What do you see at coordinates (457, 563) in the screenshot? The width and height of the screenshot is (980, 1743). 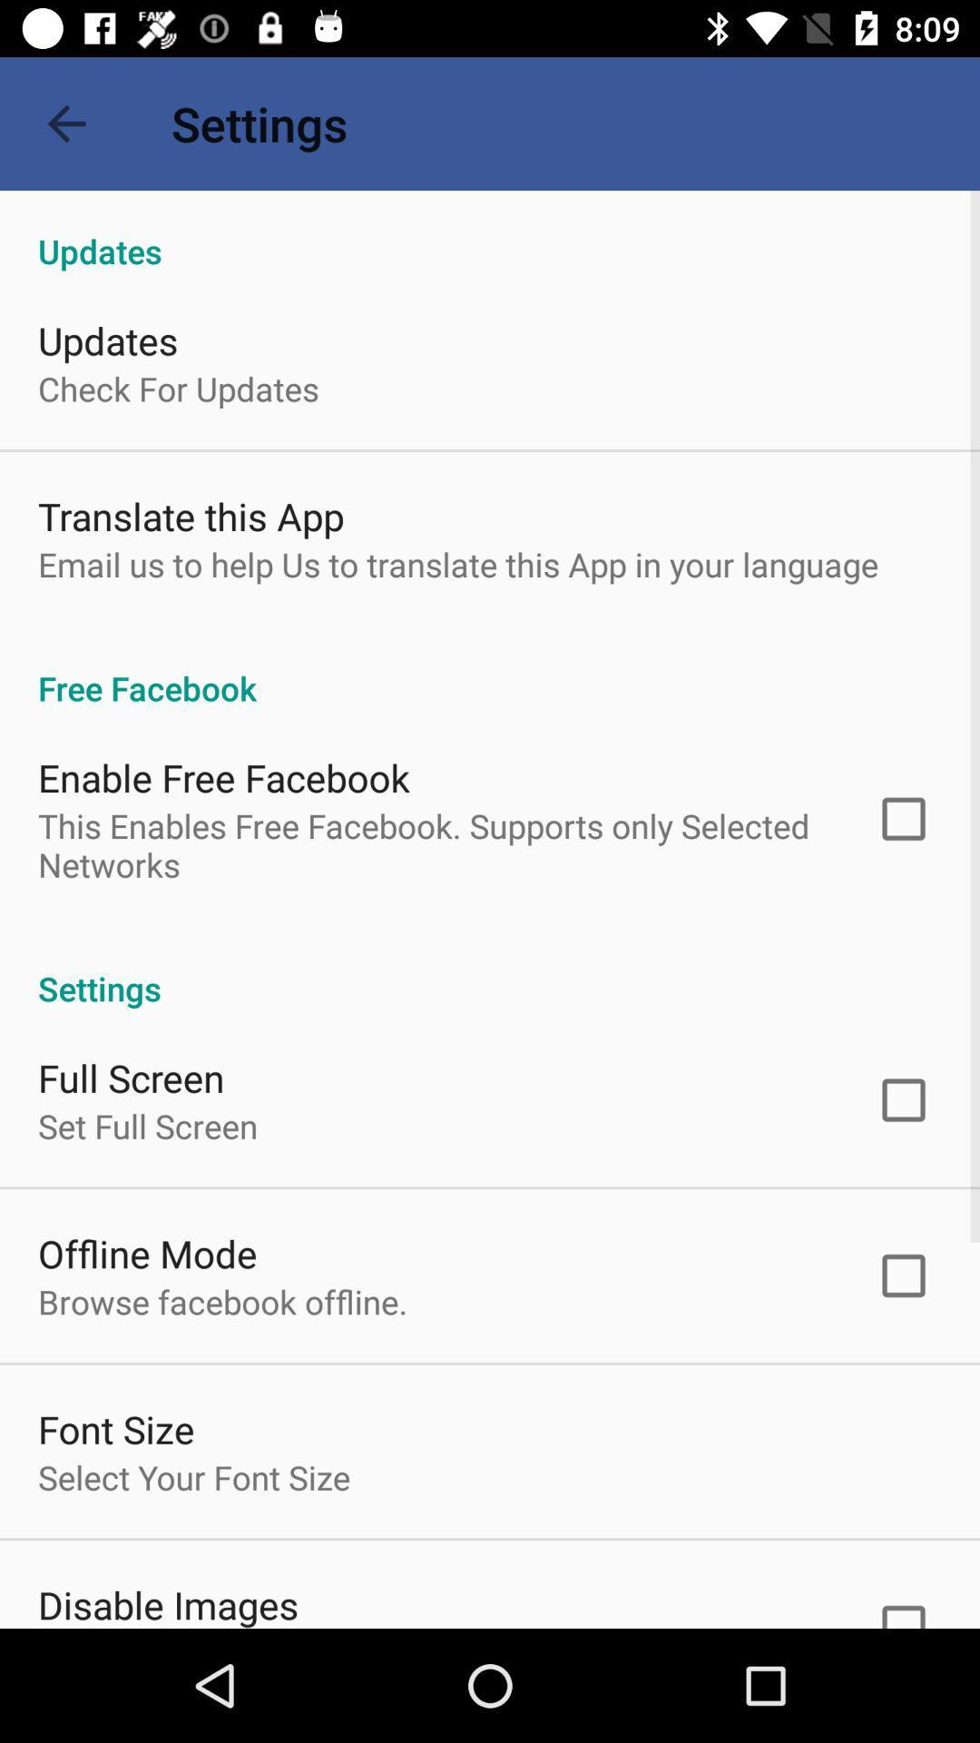 I see `the icon below the translate this app icon` at bounding box center [457, 563].